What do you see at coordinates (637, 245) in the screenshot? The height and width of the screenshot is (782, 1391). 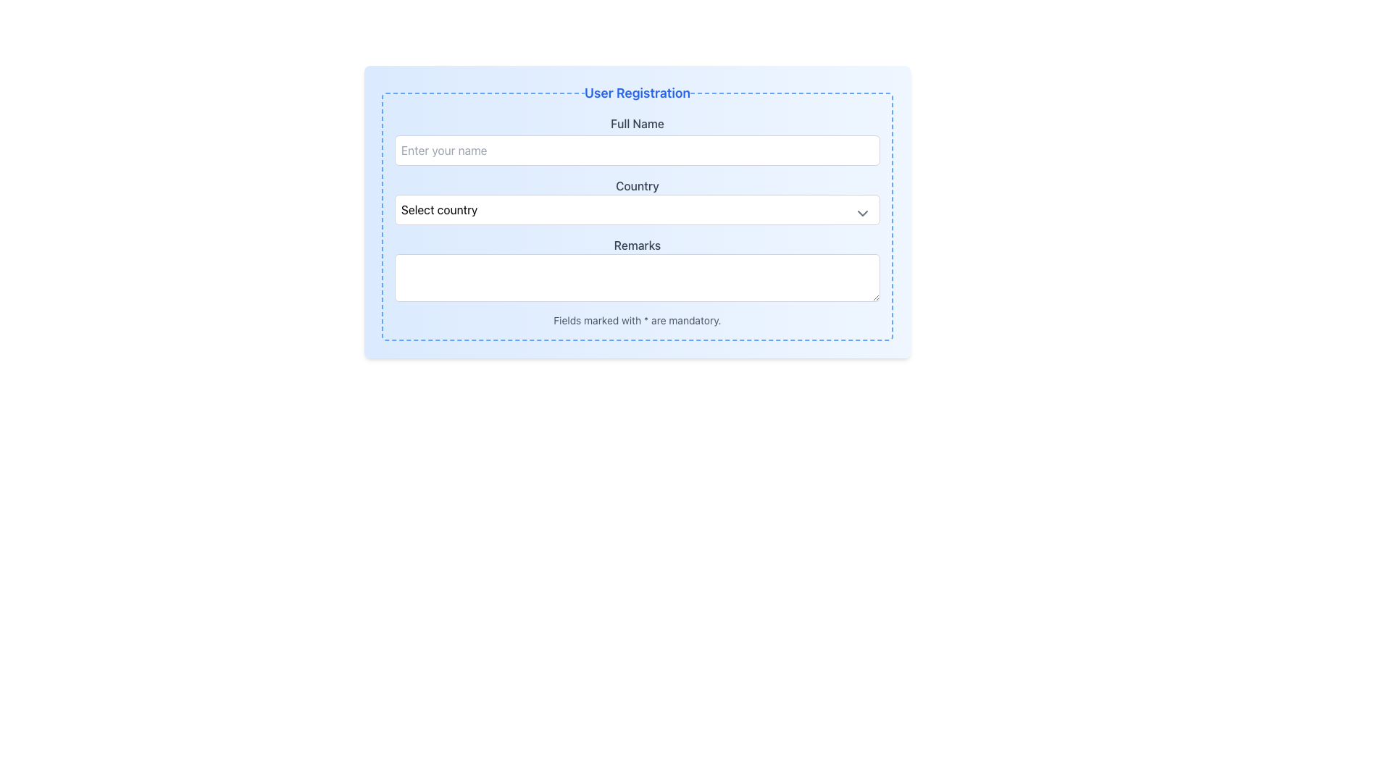 I see `the label for the 'Remarks' textarea input field in the user registration form, which is positioned beneath the 'Country' dropdown` at bounding box center [637, 245].